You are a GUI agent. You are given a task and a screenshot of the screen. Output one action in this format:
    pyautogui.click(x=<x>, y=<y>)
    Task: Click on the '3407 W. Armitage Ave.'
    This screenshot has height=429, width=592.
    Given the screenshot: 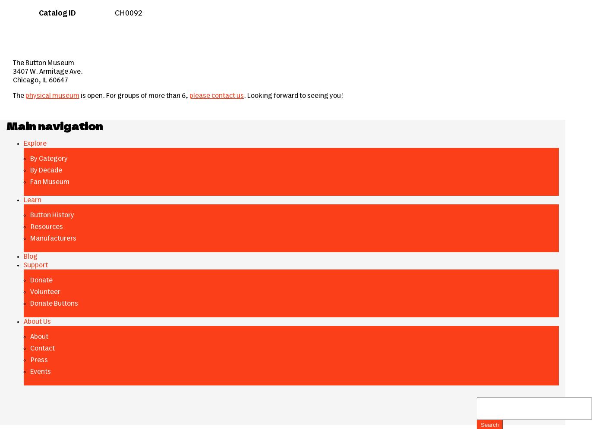 What is the action you would take?
    pyautogui.click(x=47, y=71)
    